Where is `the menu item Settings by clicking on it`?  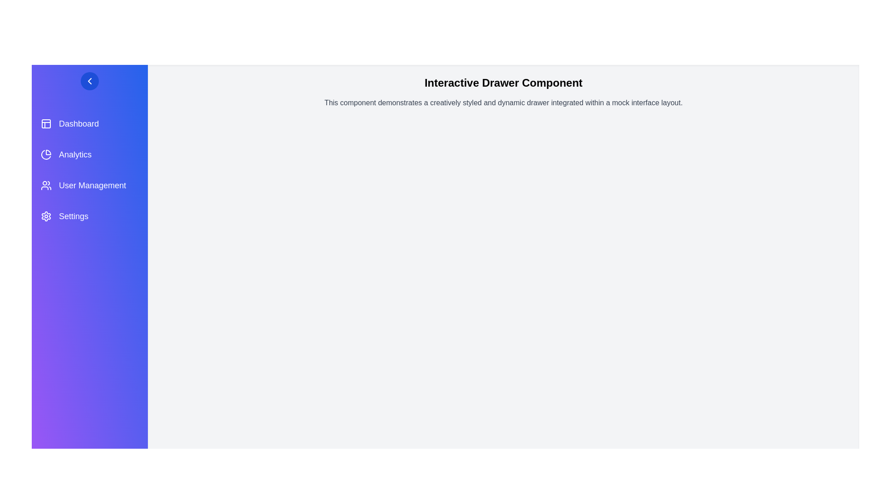
the menu item Settings by clicking on it is located at coordinates (89, 216).